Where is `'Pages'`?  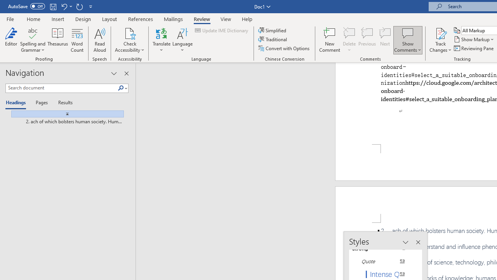
'Pages' is located at coordinates (40, 103).